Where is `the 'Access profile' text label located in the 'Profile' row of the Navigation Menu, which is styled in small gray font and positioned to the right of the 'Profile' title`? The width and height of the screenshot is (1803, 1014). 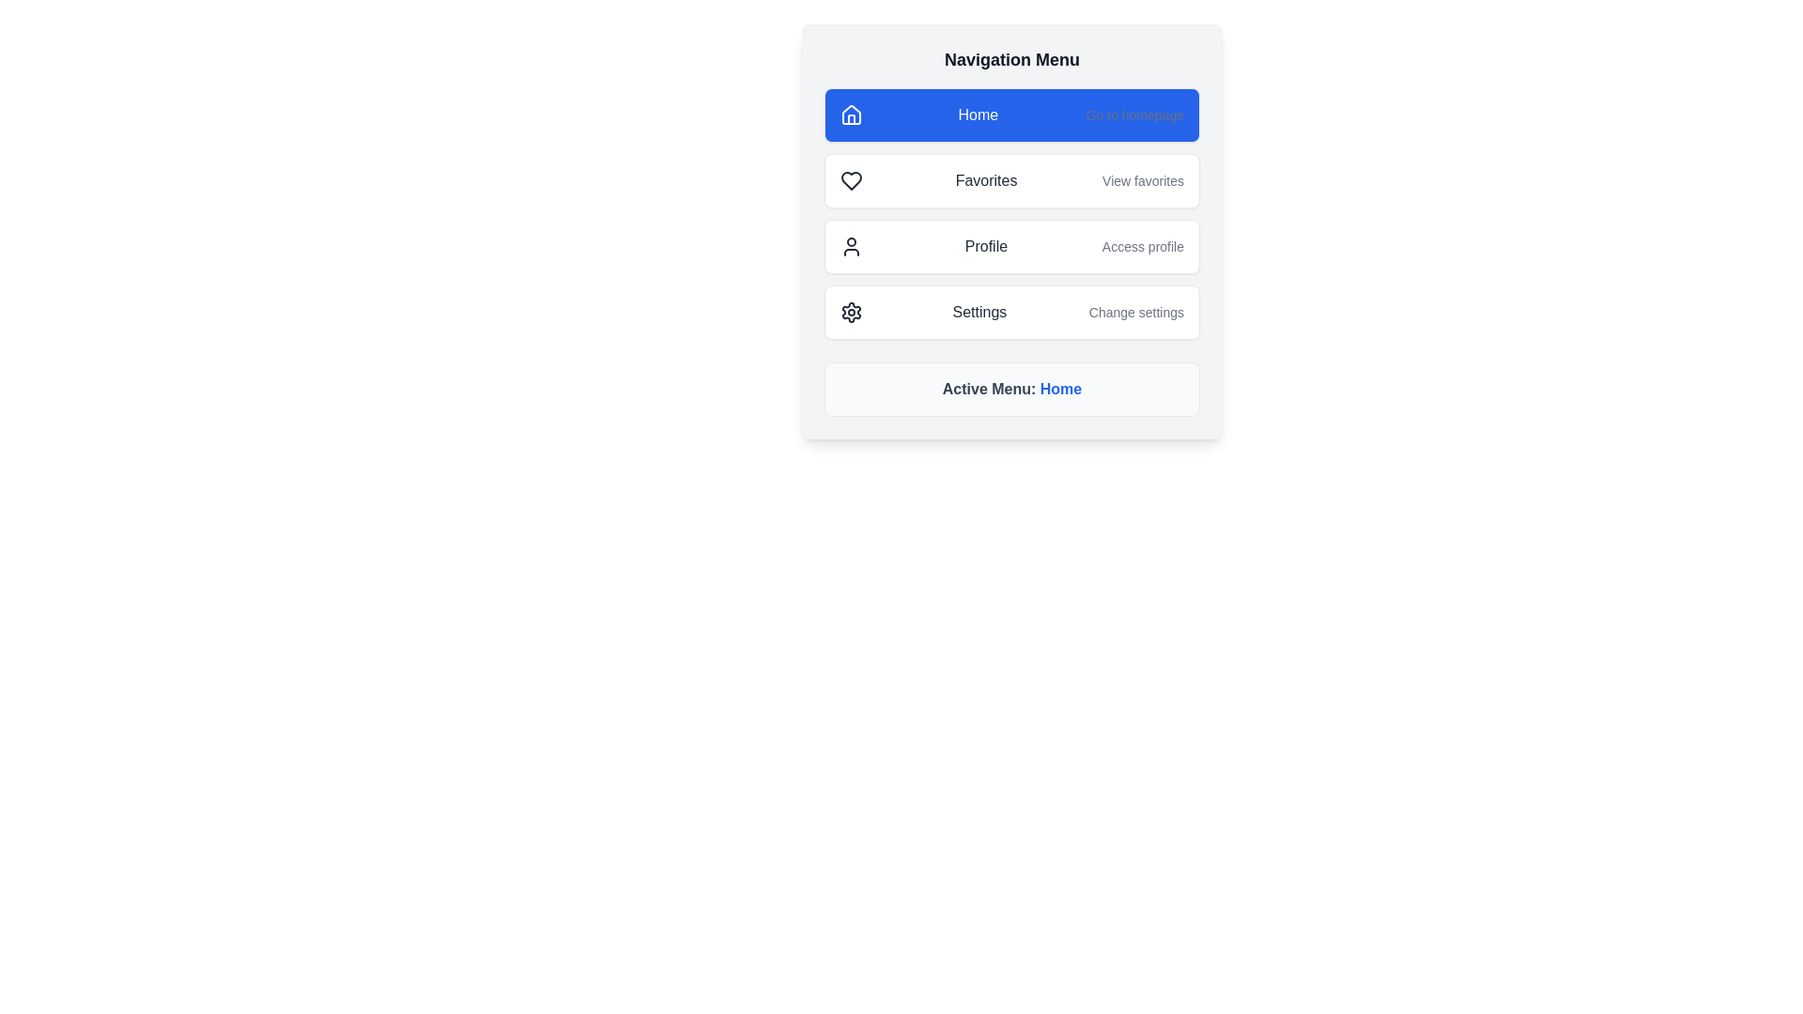 the 'Access profile' text label located in the 'Profile' row of the Navigation Menu, which is styled in small gray font and positioned to the right of the 'Profile' title is located at coordinates (1142, 245).